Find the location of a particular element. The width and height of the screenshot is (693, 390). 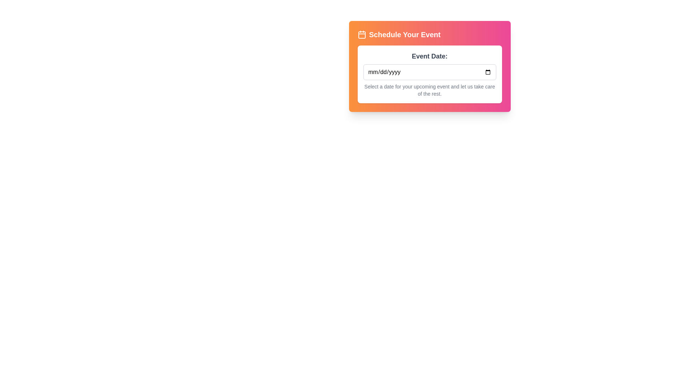

the calendar icon located to the left of the 'Schedule Your Event' text in the header section of the modal is located at coordinates (362, 35).